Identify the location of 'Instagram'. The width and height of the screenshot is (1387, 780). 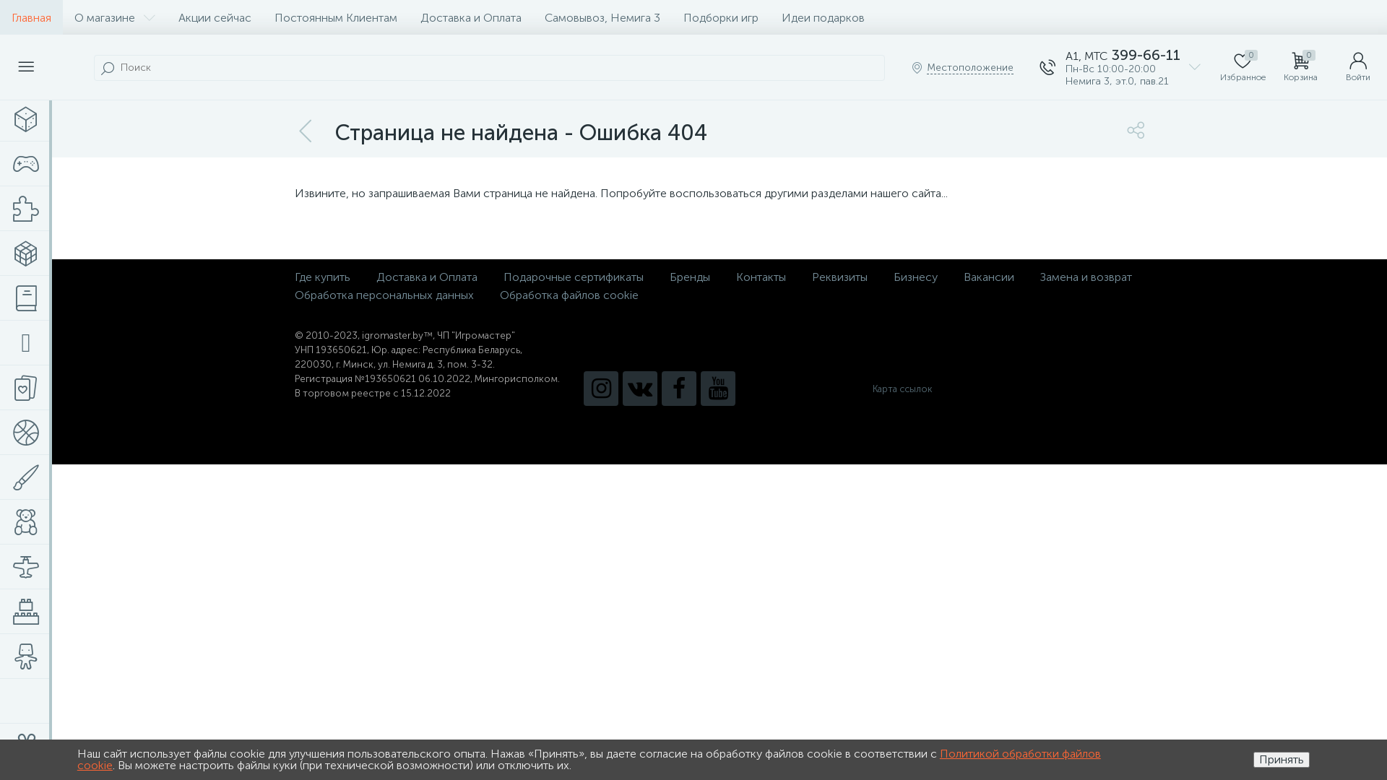
(600, 387).